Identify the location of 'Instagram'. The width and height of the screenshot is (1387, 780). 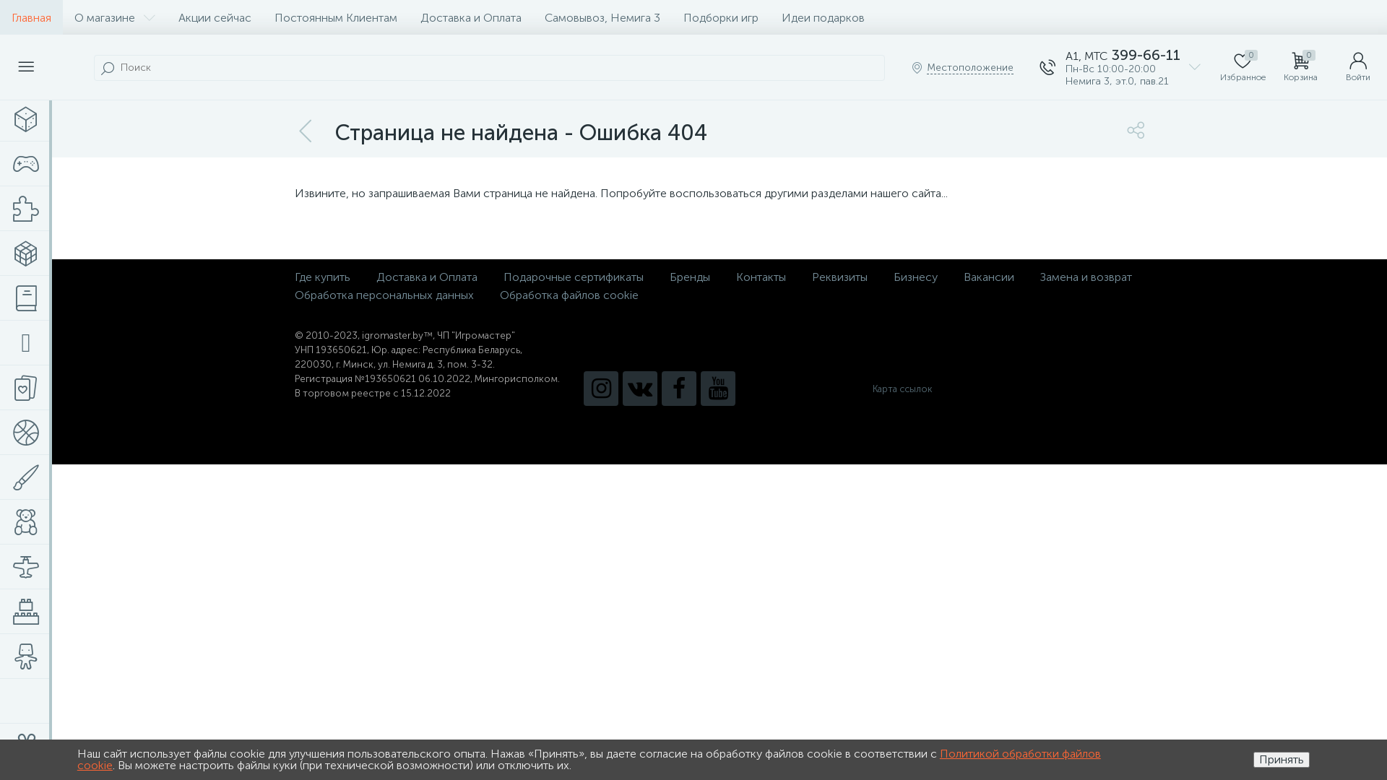
(600, 387).